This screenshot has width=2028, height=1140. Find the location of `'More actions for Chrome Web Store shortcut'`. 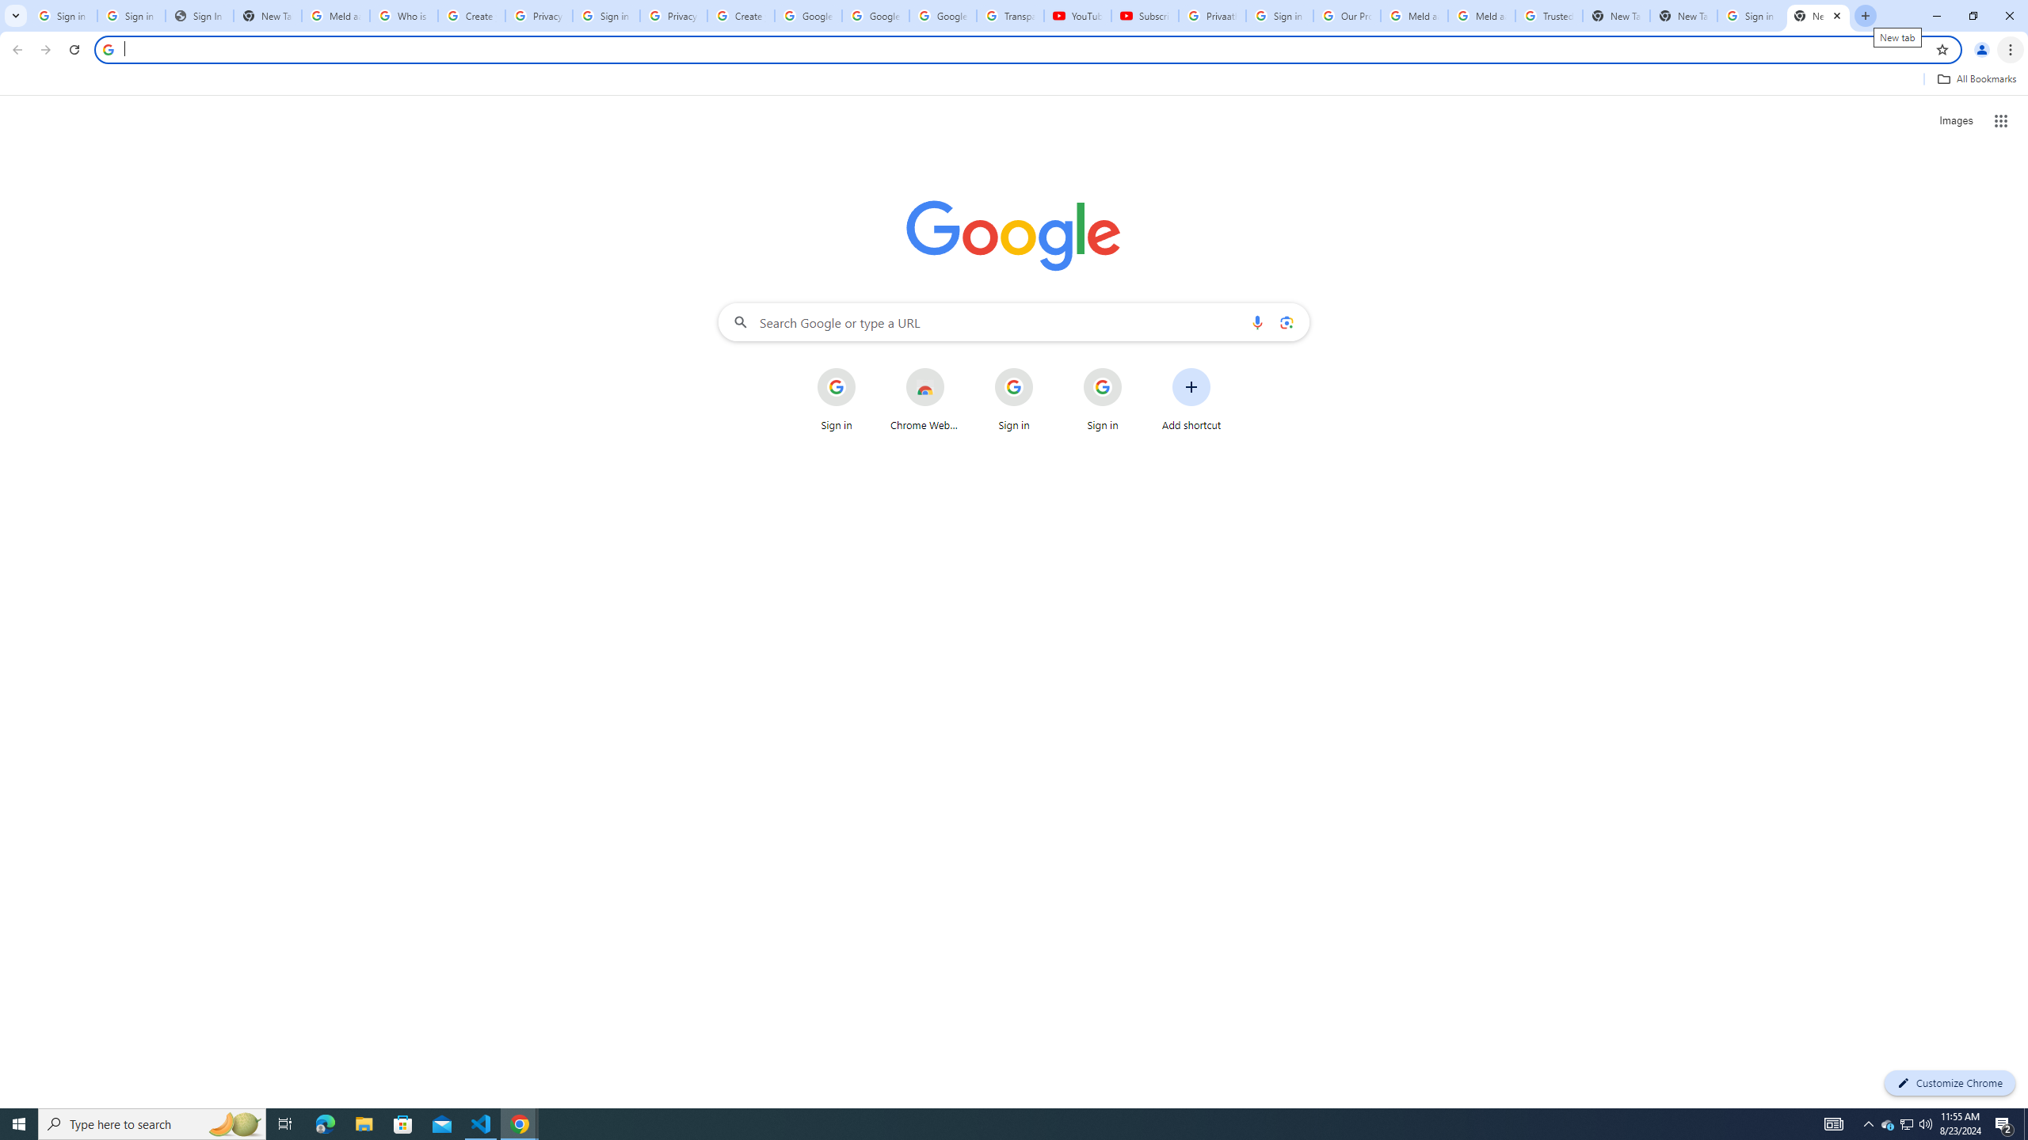

'More actions for Chrome Web Store shortcut' is located at coordinates (955, 370).